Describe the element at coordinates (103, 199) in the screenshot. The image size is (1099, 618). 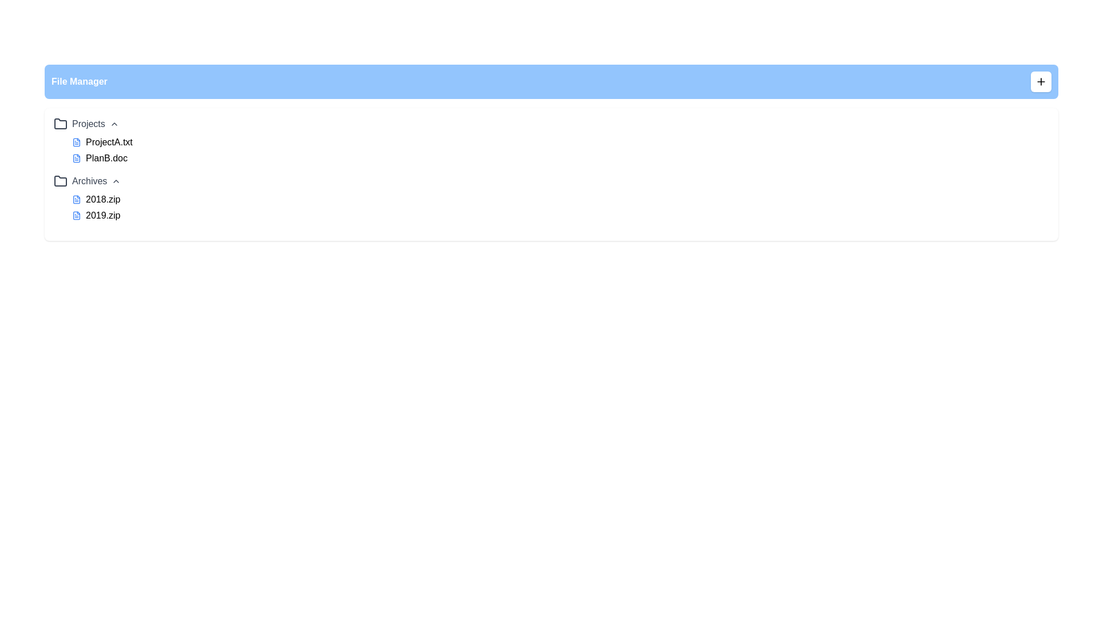
I see `the text label displaying '2018.zip', which is the first file entry under the 'Archives' section in the file listing` at that location.